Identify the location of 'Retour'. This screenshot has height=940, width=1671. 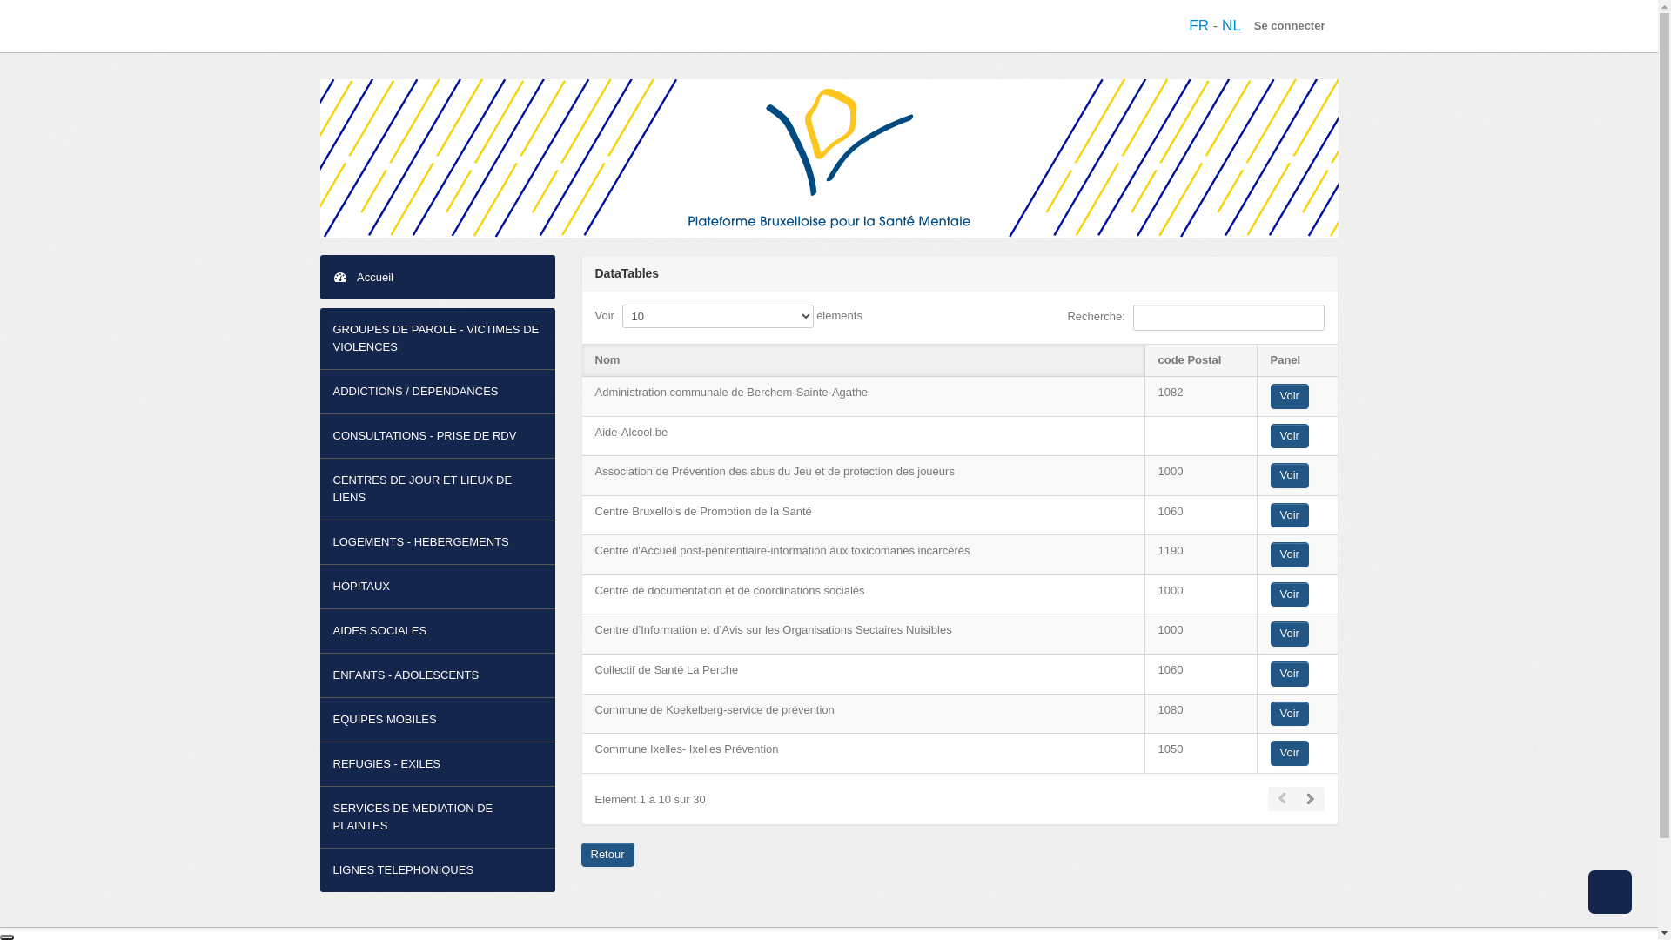
(607, 854).